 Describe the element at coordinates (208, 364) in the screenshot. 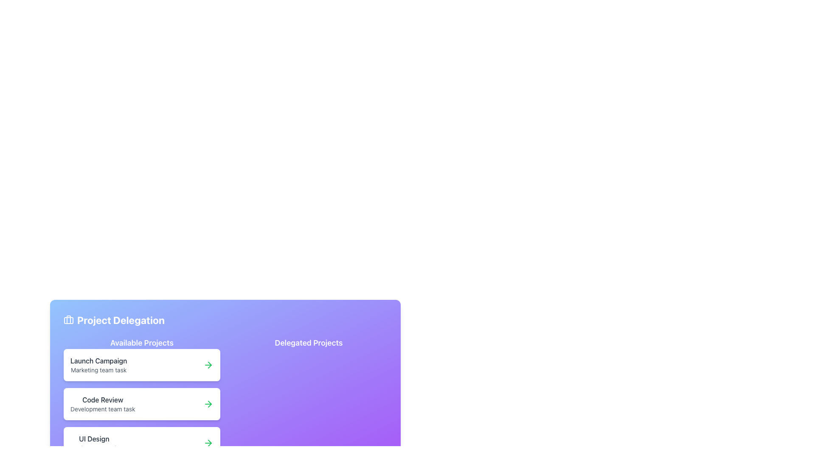

I see `the navigation button that redirects to the 'Launch Campaign' project, located within the card labeled 'Launch Campaign' under 'Available Projects'` at that location.